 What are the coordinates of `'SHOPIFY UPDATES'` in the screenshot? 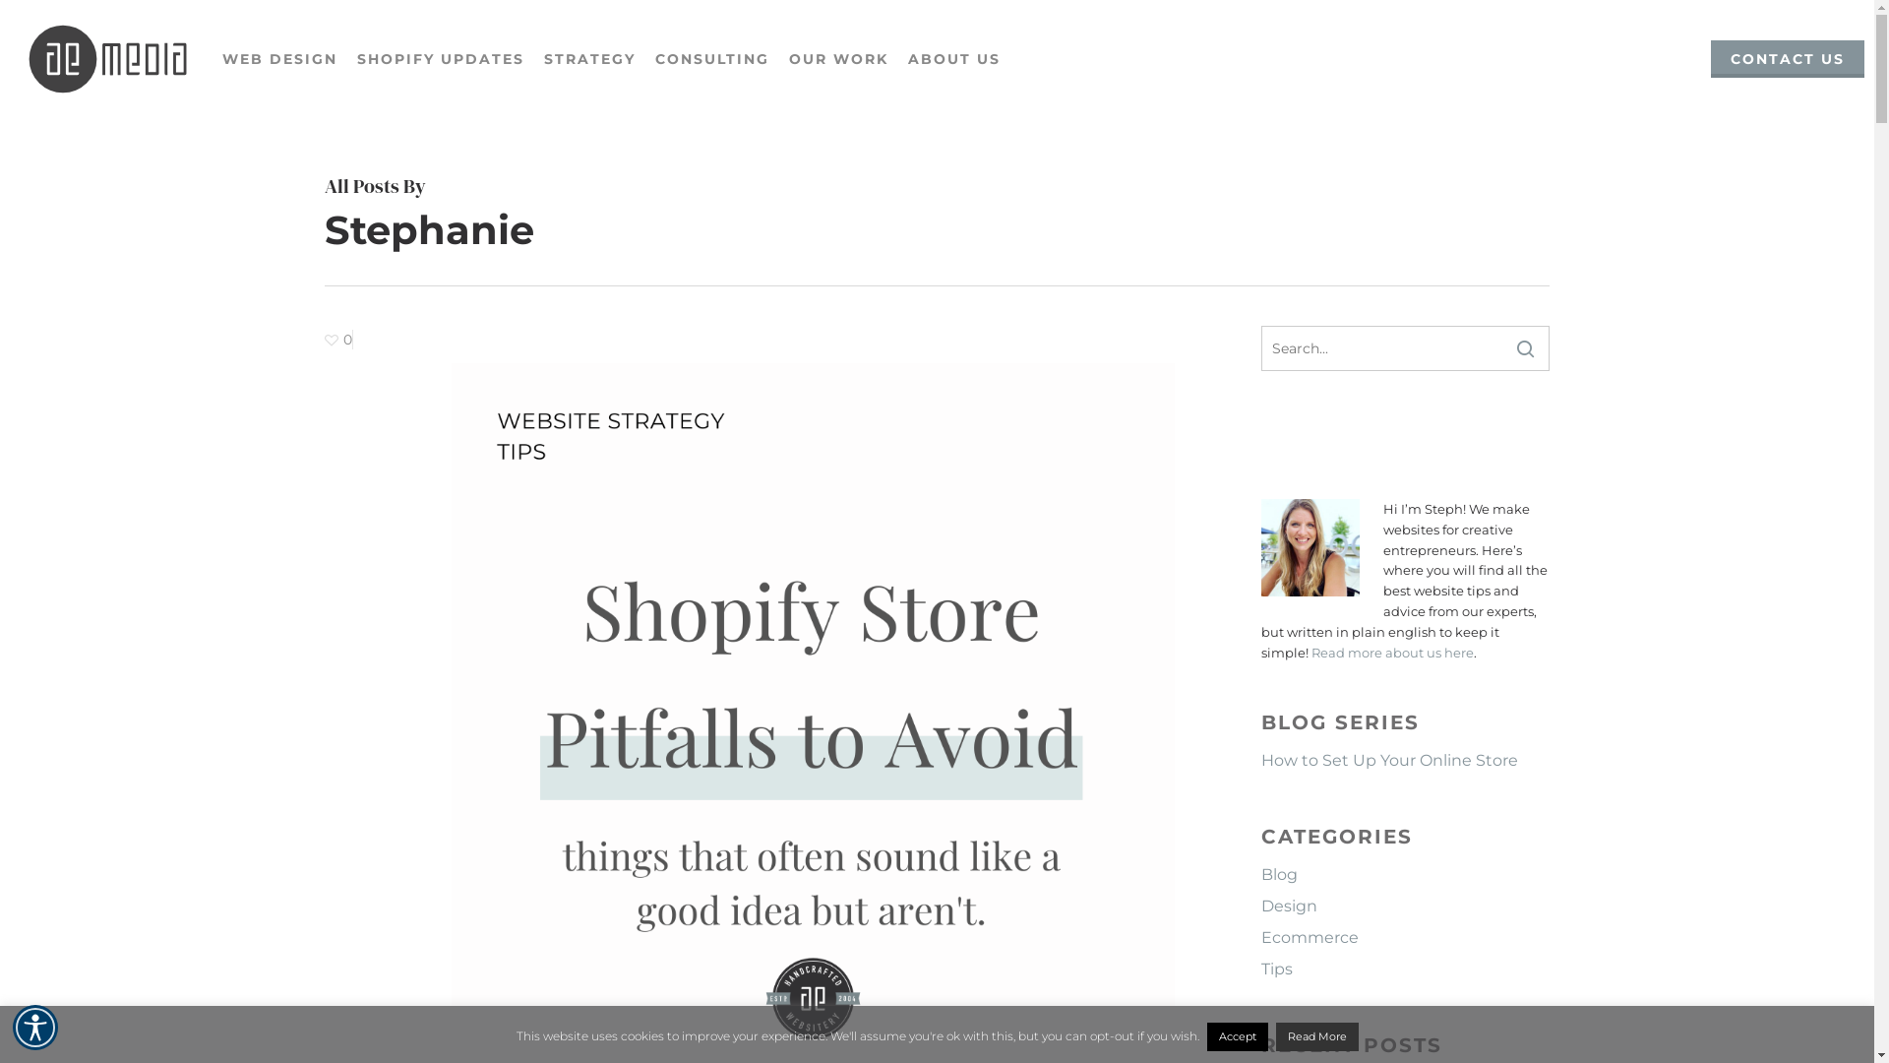 It's located at (439, 58).